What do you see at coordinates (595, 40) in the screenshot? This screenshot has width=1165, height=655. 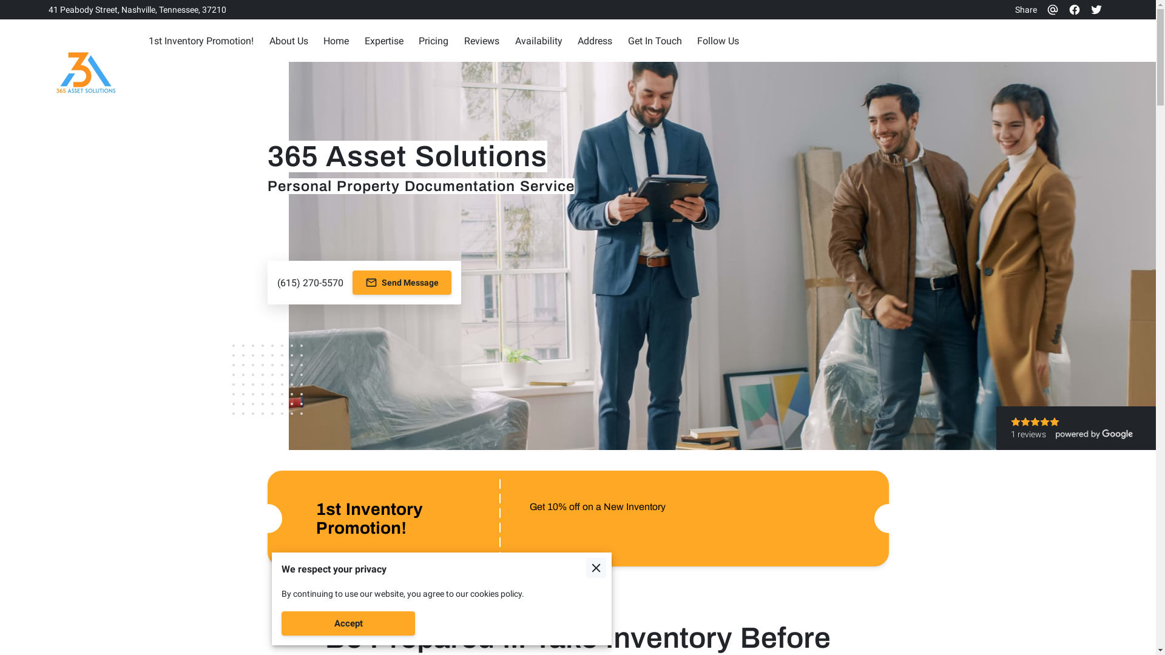 I see `'Address'` at bounding box center [595, 40].